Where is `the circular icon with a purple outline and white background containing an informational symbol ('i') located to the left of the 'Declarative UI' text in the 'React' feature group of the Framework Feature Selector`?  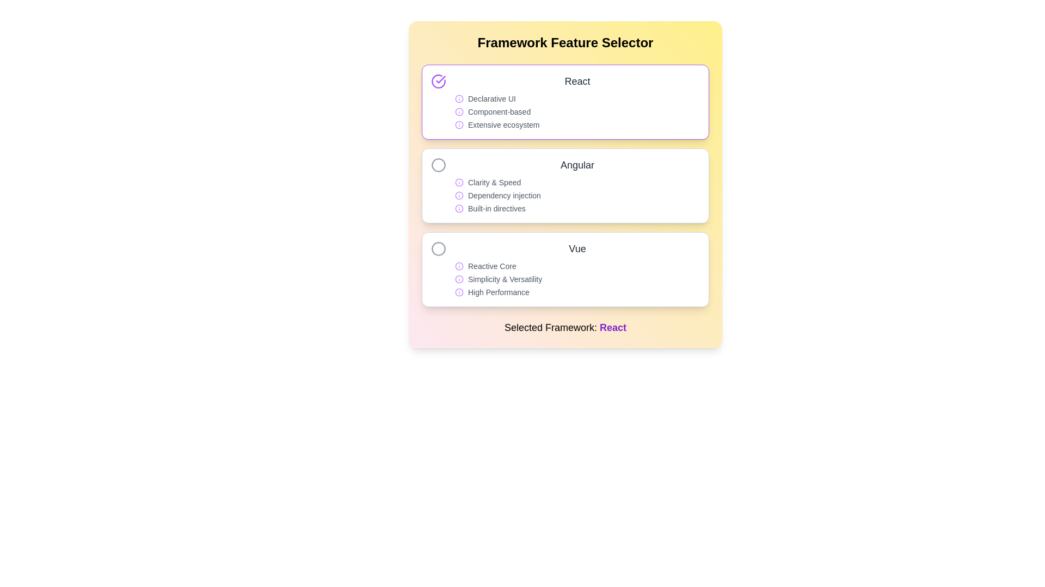
the circular icon with a purple outline and white background containing an informational symbol ('i') located to the left of the 'Declarative UI' text in the 'React' feature group of the Framework Feature Selector is located at coordinates (459, 98).